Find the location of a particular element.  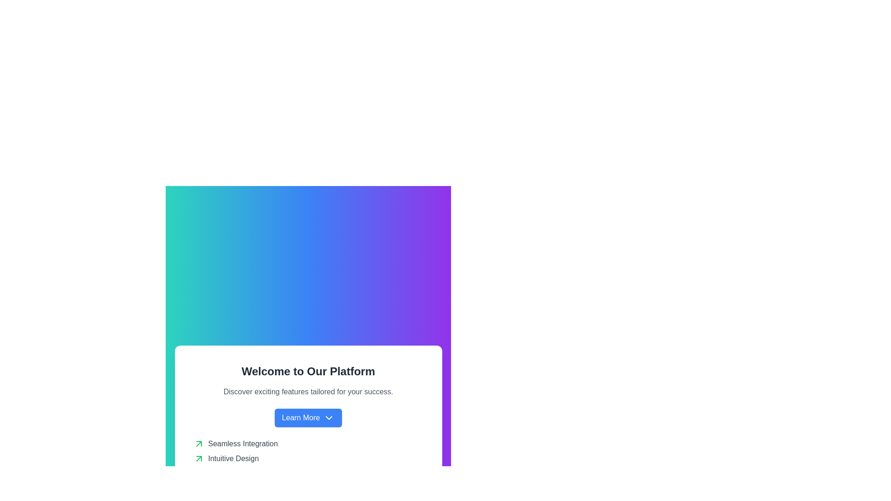

the welcoming headline text that introduces the purpose of the interface, located above the subtitle is located at coordinates (308, 371).